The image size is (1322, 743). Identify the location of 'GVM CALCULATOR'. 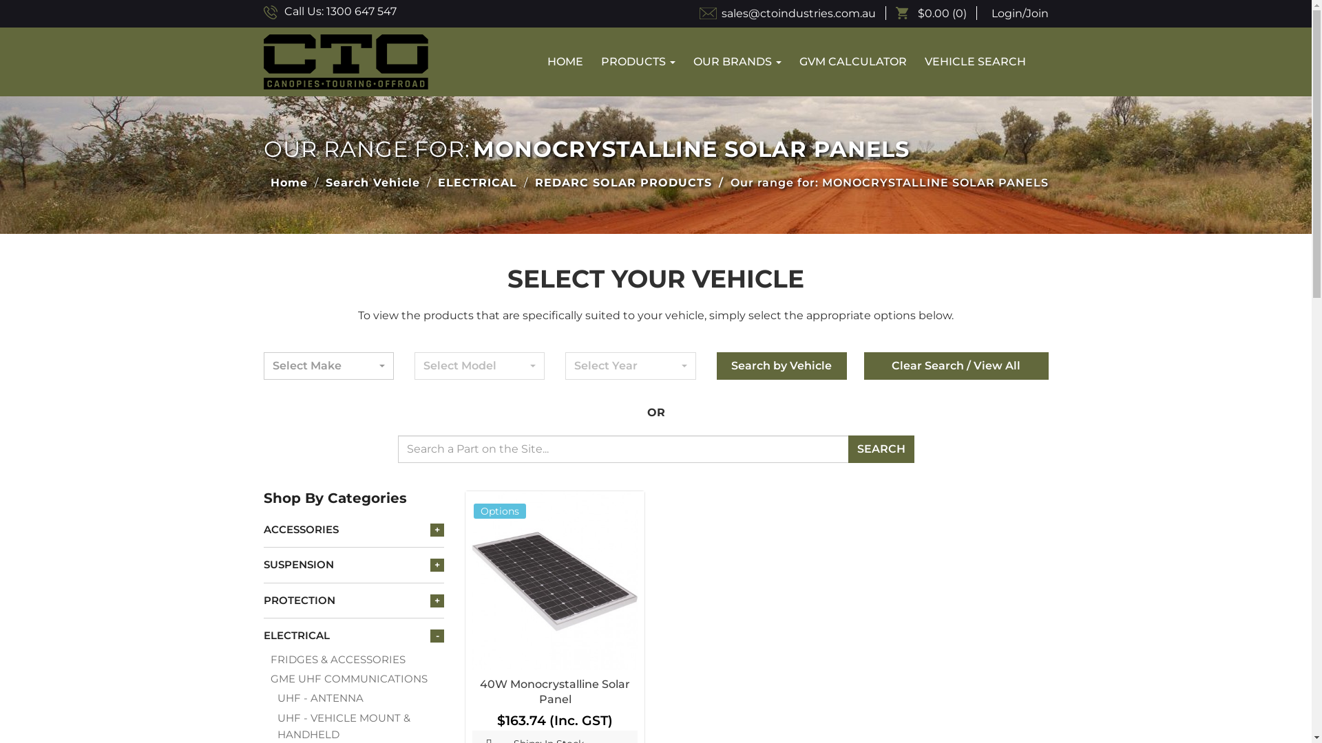
(852, 61).